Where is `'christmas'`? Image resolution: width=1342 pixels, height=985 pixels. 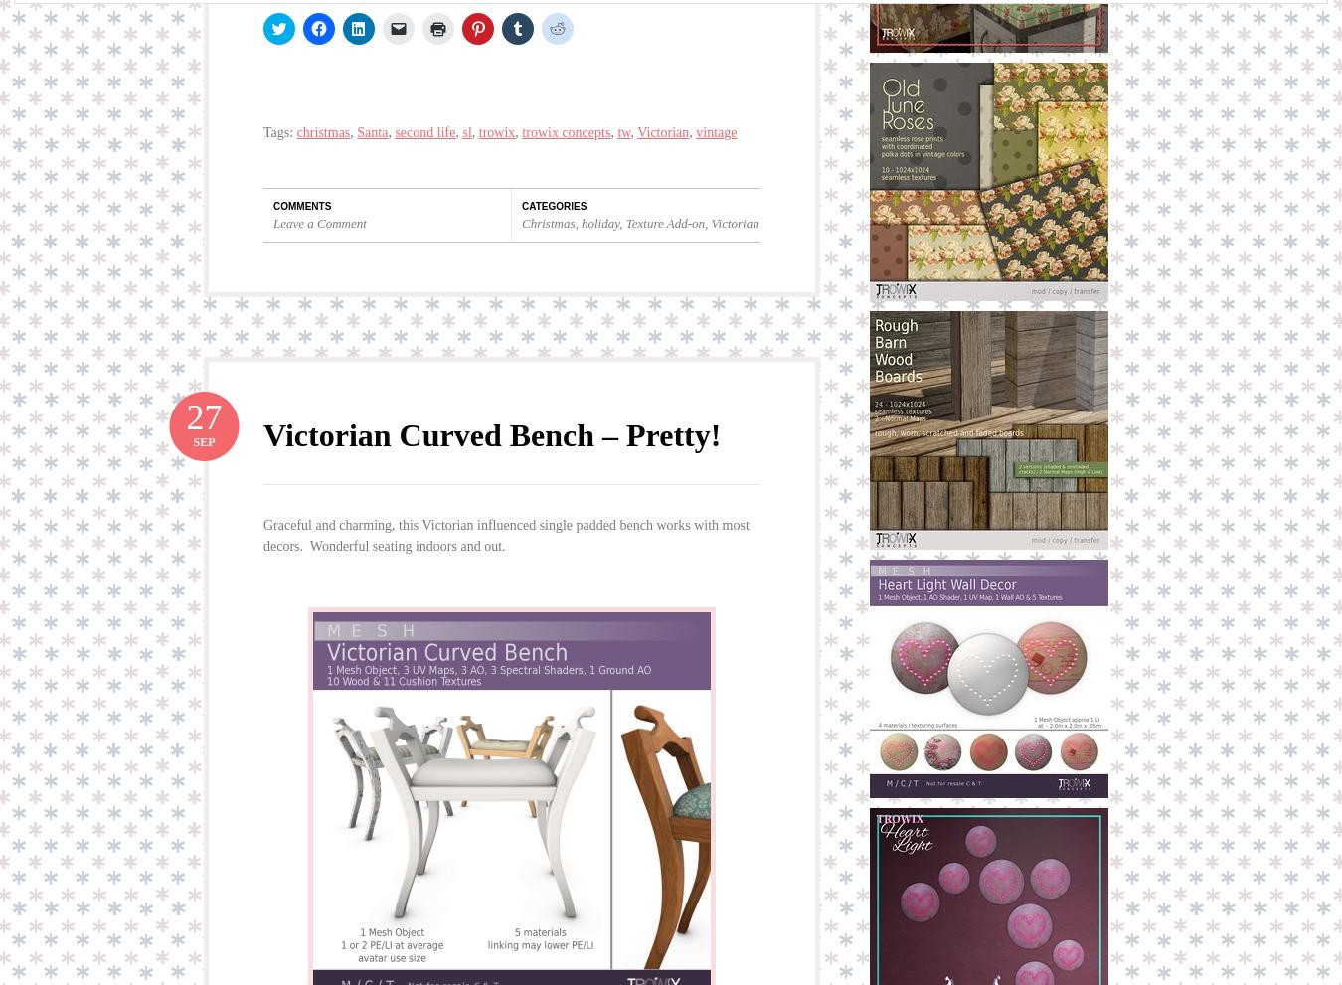 'christmas' is located at coordinates (321, 131).